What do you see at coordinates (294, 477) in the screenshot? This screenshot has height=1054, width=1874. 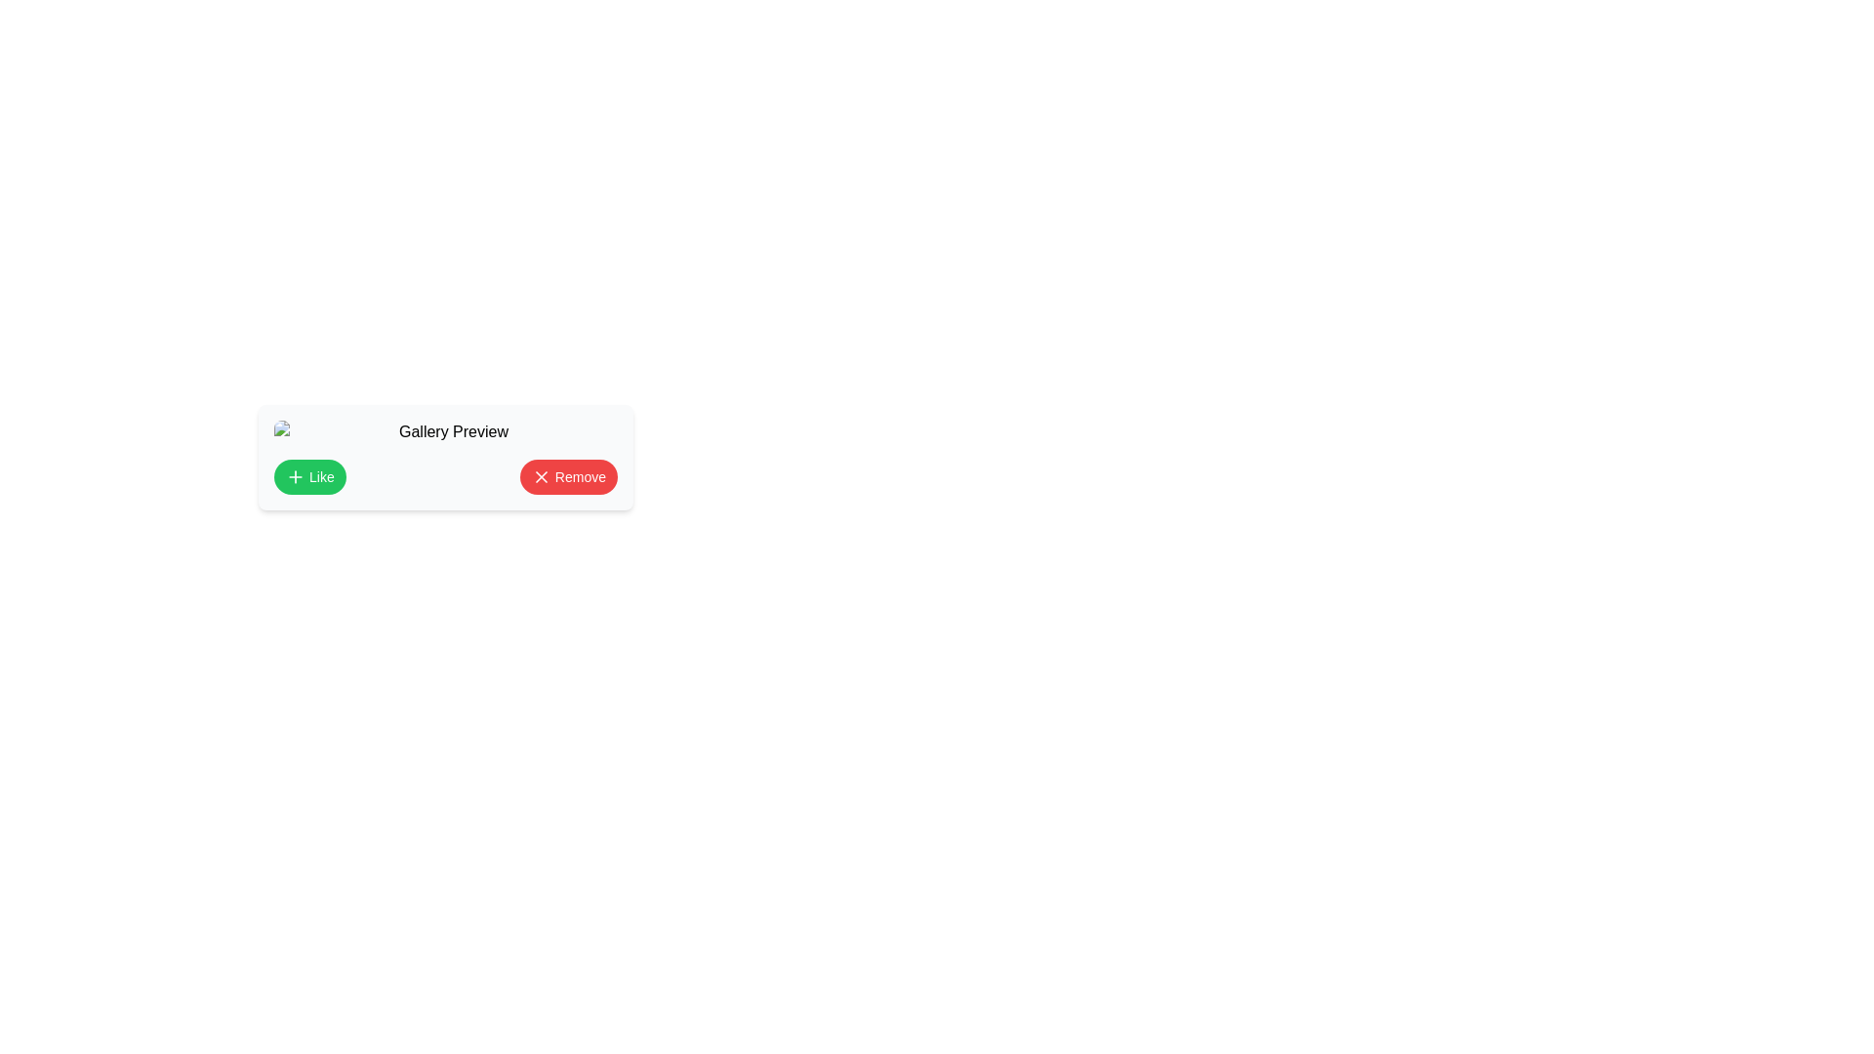 I see `the small green circular button with a white plus icon, which is centered within the 'Like' button on the card displaying 'Gallery Preview'` at bounding box center [294, 477].